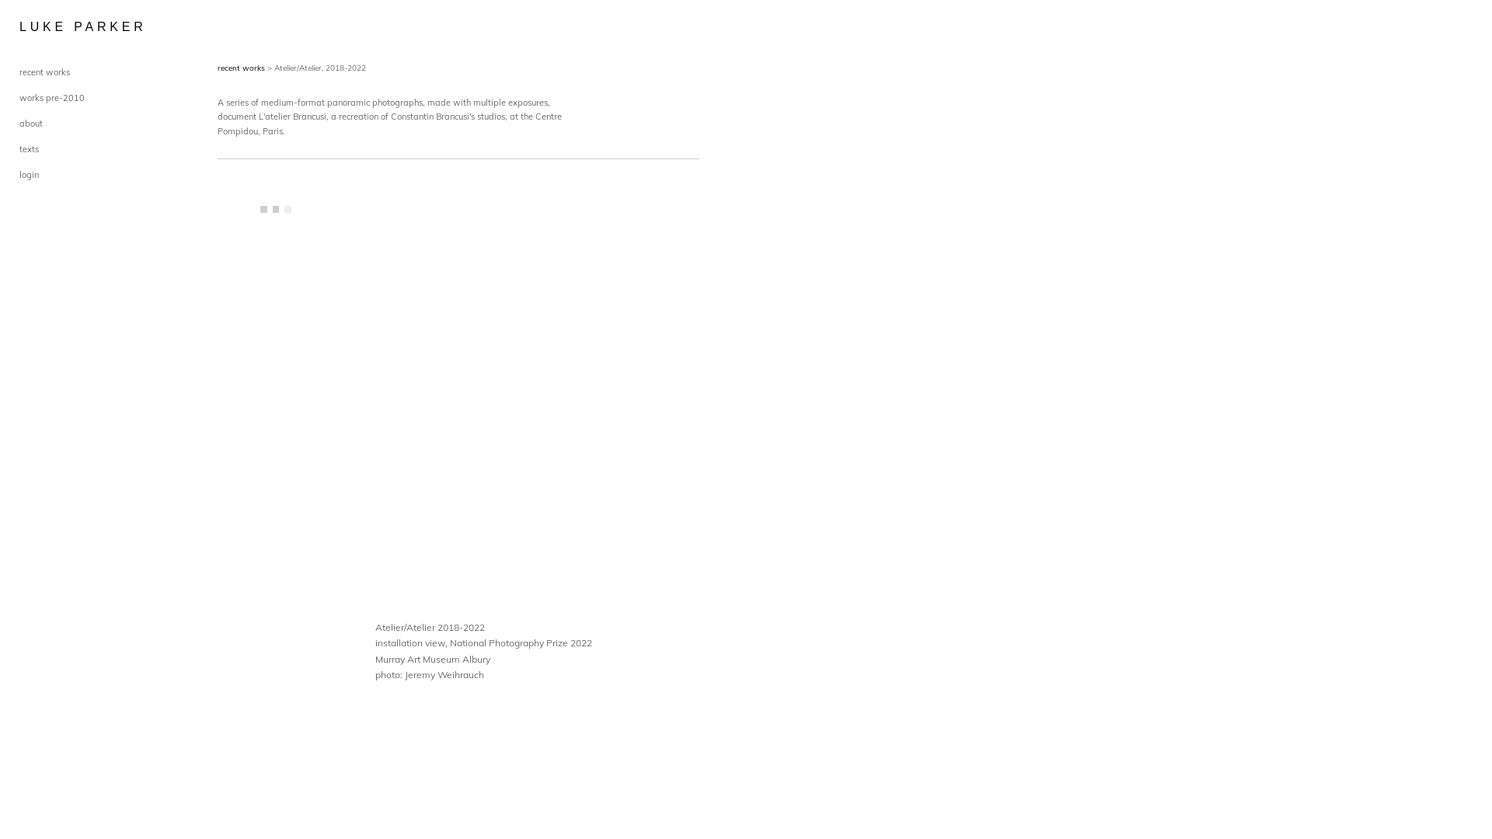 This screenshot has height=839, width=1492. I want to click on 'login', so click(29, 174).